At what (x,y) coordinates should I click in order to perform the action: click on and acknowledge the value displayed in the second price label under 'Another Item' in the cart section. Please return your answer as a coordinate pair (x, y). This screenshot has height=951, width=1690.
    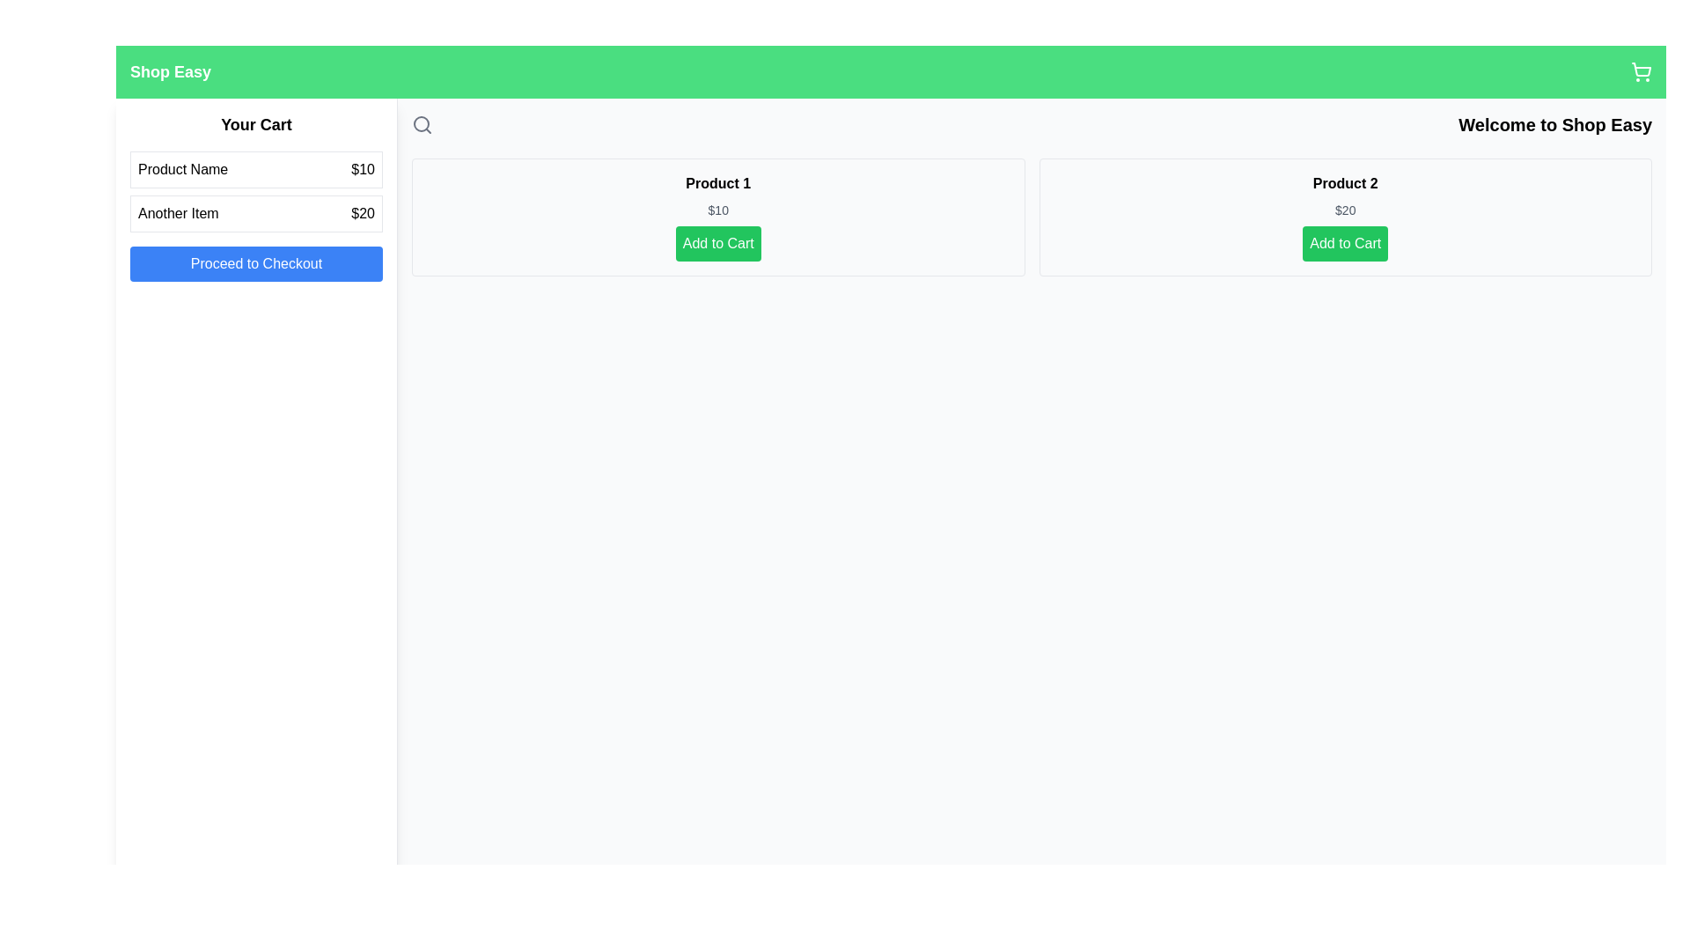
    Looking at the image, I should click on (362, 213).